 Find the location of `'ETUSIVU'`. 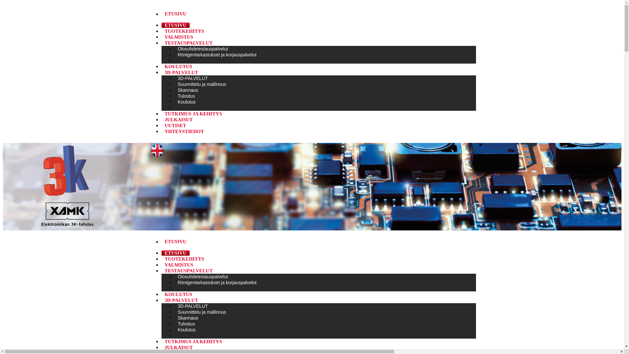

'ETUSIVU' is located at coordinates (161, 25).